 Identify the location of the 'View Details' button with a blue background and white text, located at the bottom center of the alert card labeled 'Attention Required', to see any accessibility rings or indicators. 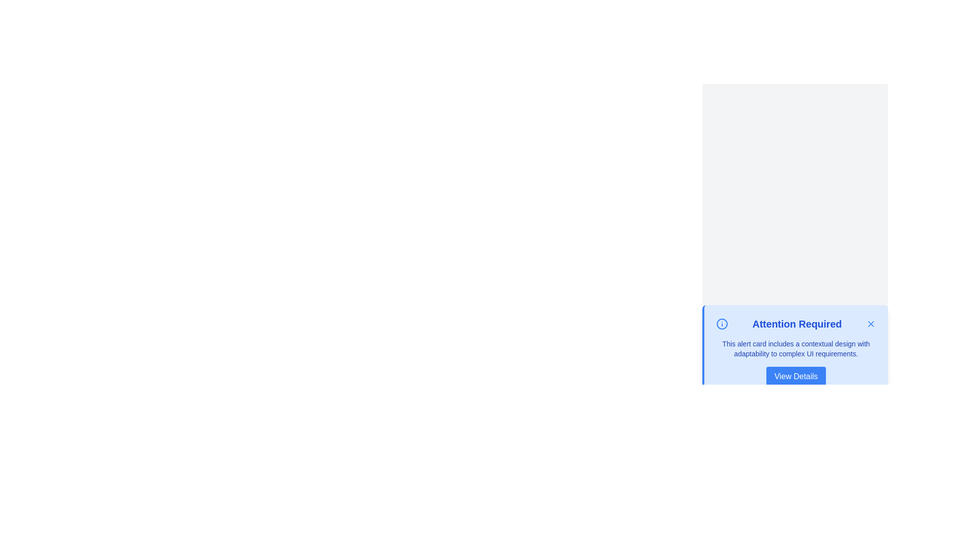
(796, 377).